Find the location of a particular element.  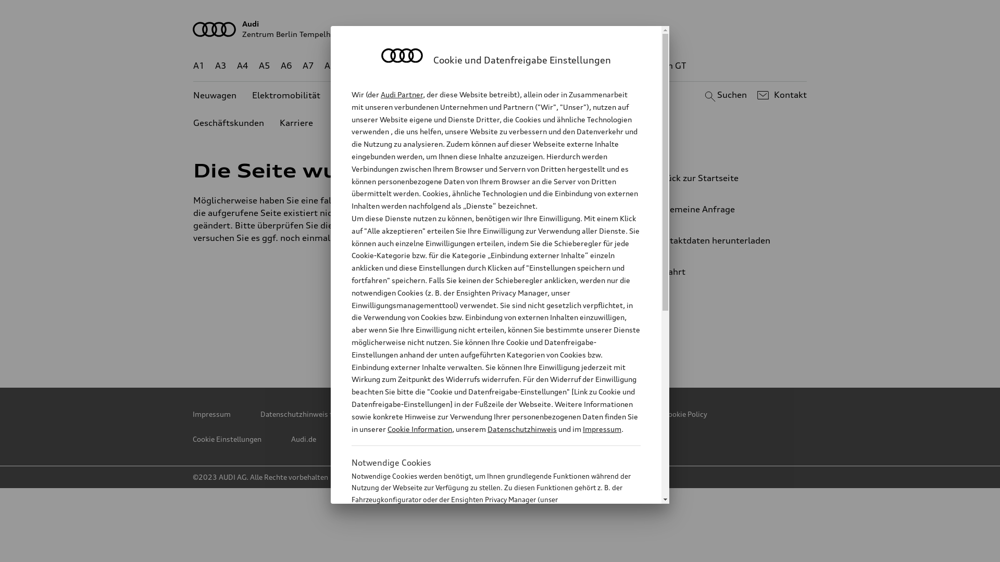

'A5' is located at coordinates (265, 66).